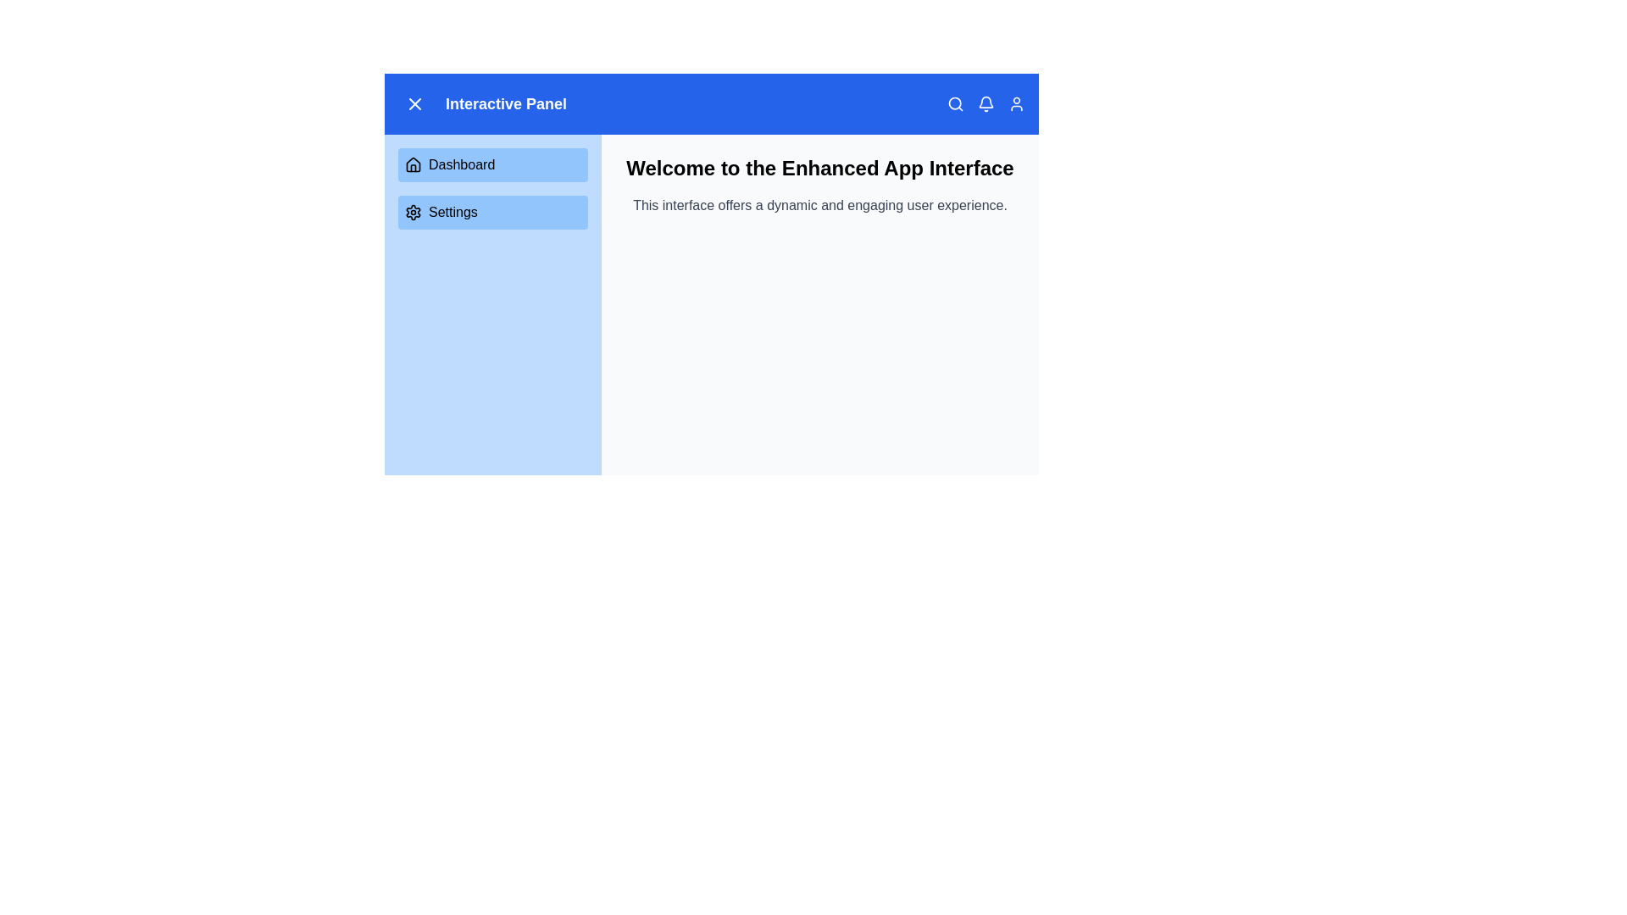  What do you see at coordinates (414, 211) in the screenshot?
I see `the cogwheel icon in the 'Settings' section of the left panel` at bounding box center [414, 211].